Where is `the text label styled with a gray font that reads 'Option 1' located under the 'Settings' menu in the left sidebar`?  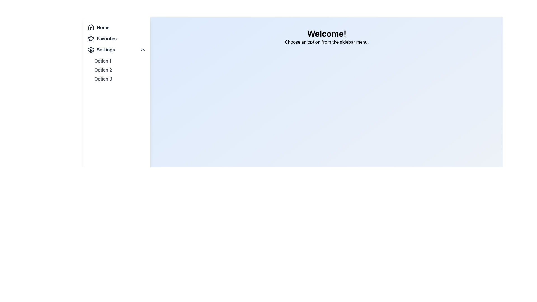
the text label styled with a gray font that reads 'Option 1' located under the 'Settings' menu in the left sidebar is located at coordinates (103, 61).